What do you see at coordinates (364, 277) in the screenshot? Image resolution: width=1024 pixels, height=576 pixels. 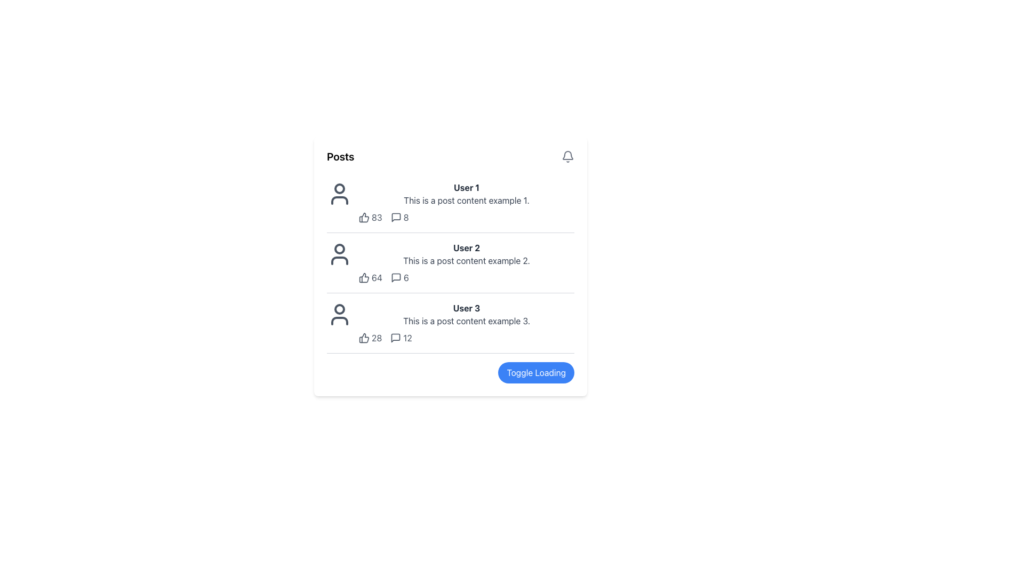 I see `the thumbs-up icon to express approval, which is styled in a contemporary thin-line fashion and located below the second user posting block` at bounding box center [364, 277].